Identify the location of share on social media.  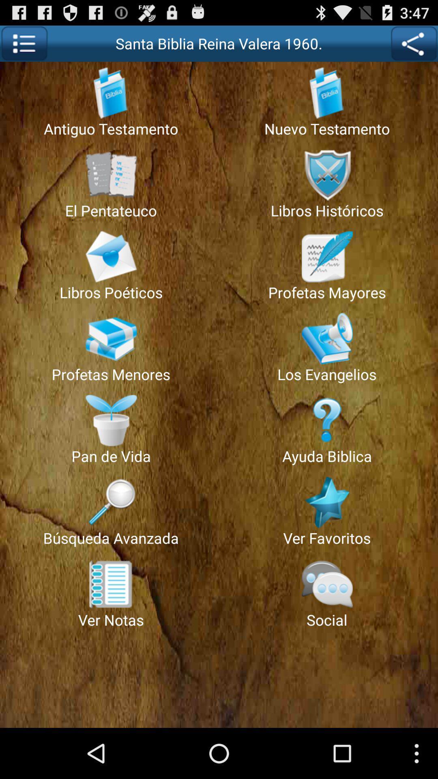
(414, 43).